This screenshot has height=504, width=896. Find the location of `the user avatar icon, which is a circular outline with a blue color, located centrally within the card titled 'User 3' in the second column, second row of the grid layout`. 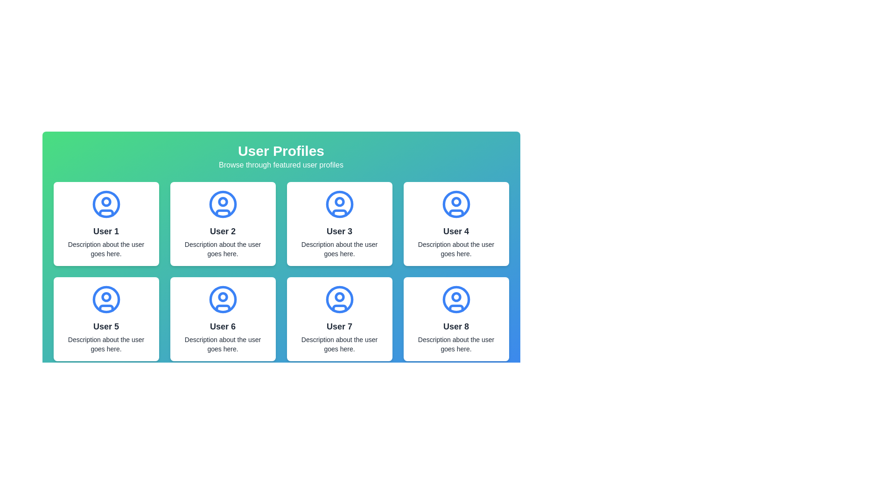

the user avatar icon, which is a circular outline with a blue color, located centrally within the card titled 'User 3' in the second column, second row of the grid layout is located at coordinates (339, 204).